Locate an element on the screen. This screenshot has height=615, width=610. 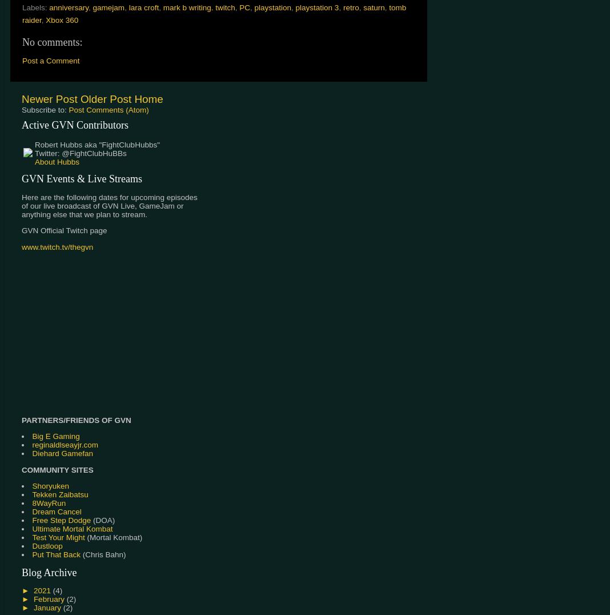
'Post a Comment' is located at coordinates (21, 59).